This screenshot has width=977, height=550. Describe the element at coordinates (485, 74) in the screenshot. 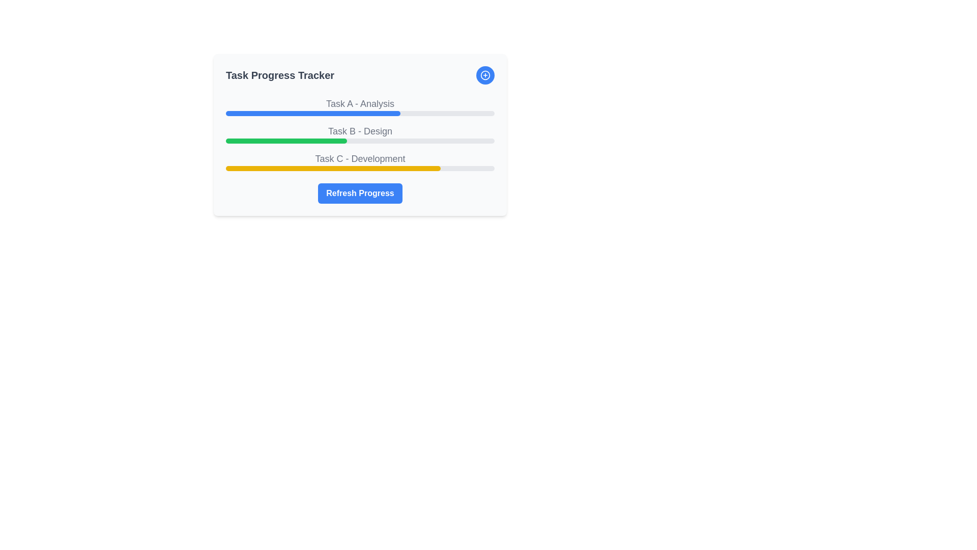

I see `the innermost circle of the circular icon located at the top-right corner of the task progress tracker interface` at that location.